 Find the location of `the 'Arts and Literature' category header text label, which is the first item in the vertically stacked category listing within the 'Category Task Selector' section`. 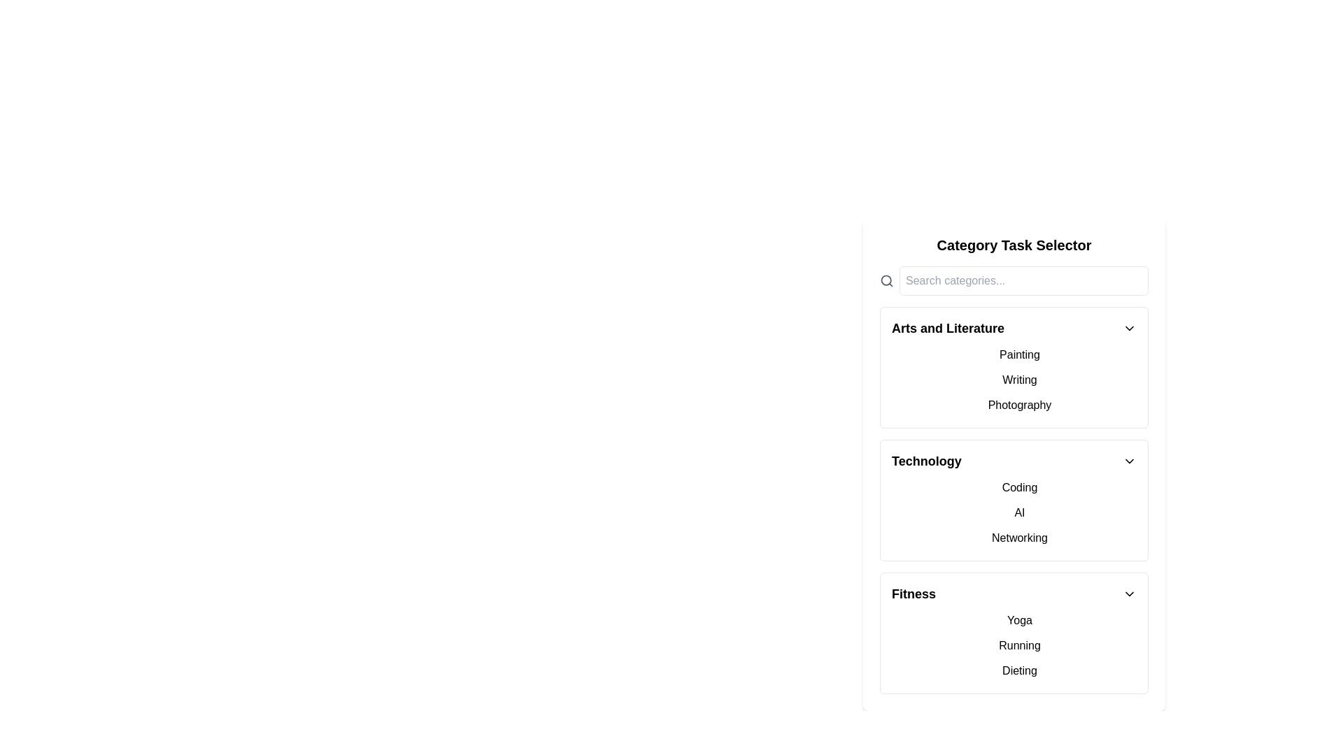

the 'Arts and Literature' category header text label, which is the first item in the vertically stacked category listing within the 'Category Task Selector' section is located at coordinates (948, 329).